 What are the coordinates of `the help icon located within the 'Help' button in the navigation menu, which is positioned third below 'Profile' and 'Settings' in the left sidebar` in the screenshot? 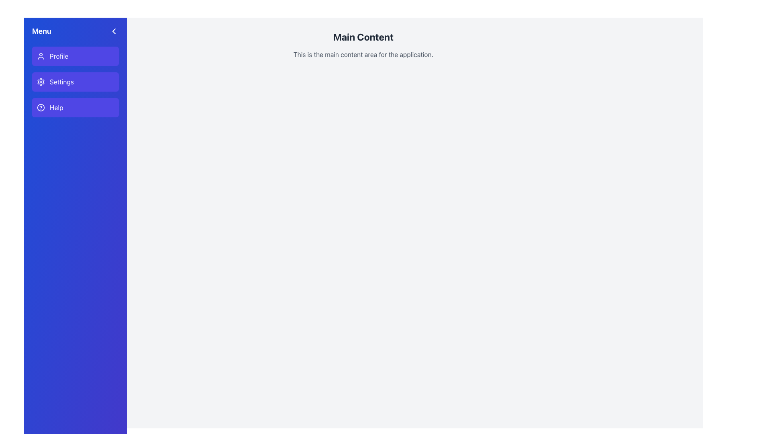 It's located at (40, 107).